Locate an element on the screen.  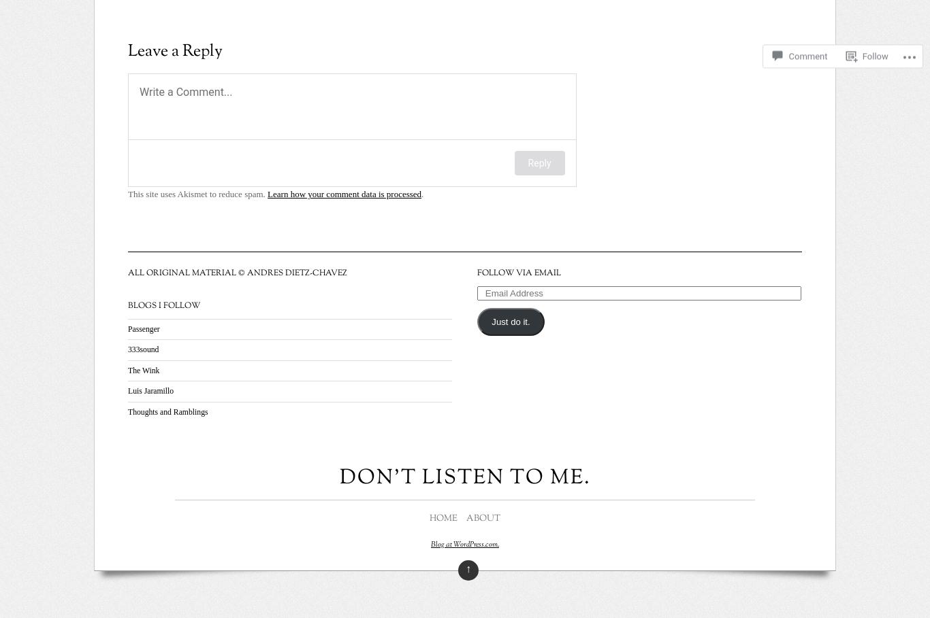
'Passenger' is located at coordinates (143, 328).